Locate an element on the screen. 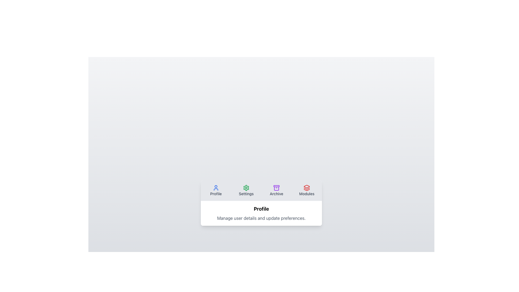 This screenshot has width=519, height=292. the Navigation Tab which features a green gear icon and a 'Settings' label, located centrally in the bottom navigation menu is located at coordinates (246, 190).